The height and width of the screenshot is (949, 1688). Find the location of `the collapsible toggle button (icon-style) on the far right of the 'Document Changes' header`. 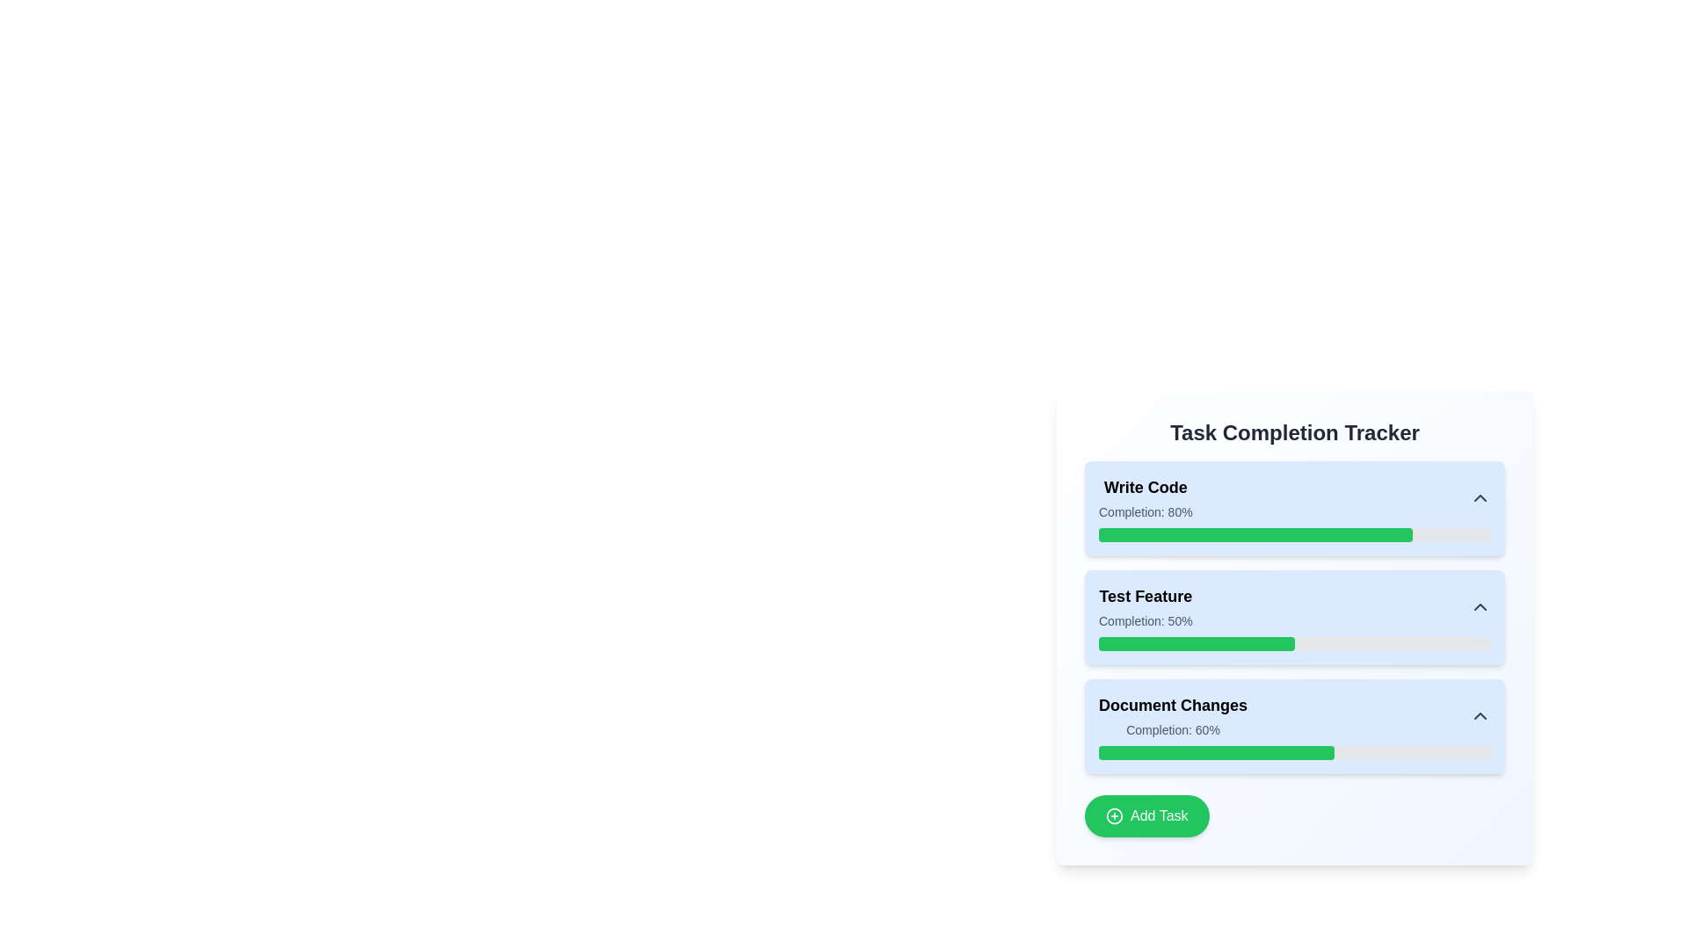

the collapsible toggle button (icon-style) on the far right of the 'Document Changes' header is located at coordinates (1480, 715).